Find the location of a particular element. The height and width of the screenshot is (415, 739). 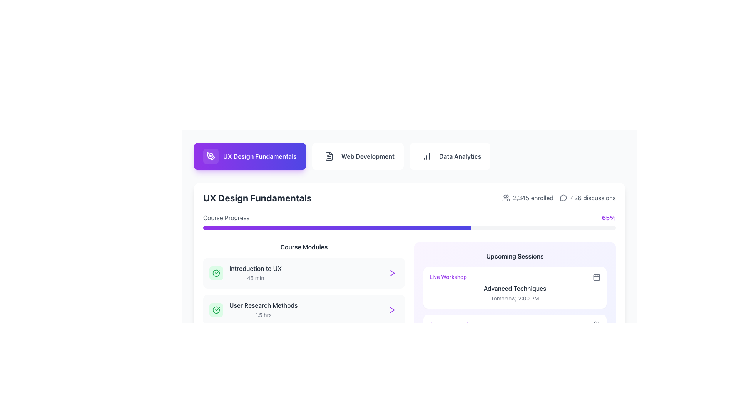

the course module titled 'Introduction to UX' is located at coordinates (245, 272).